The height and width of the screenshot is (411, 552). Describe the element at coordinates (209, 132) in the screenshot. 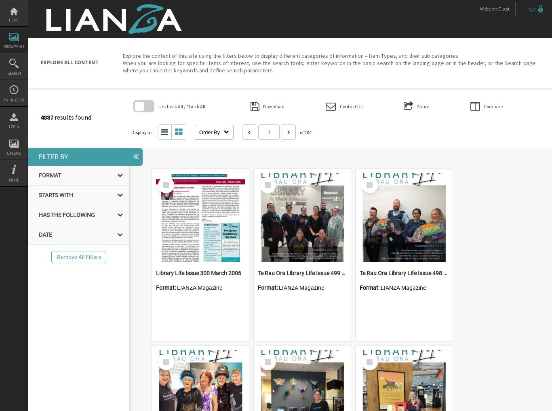

I see `'Order By'` at that location.